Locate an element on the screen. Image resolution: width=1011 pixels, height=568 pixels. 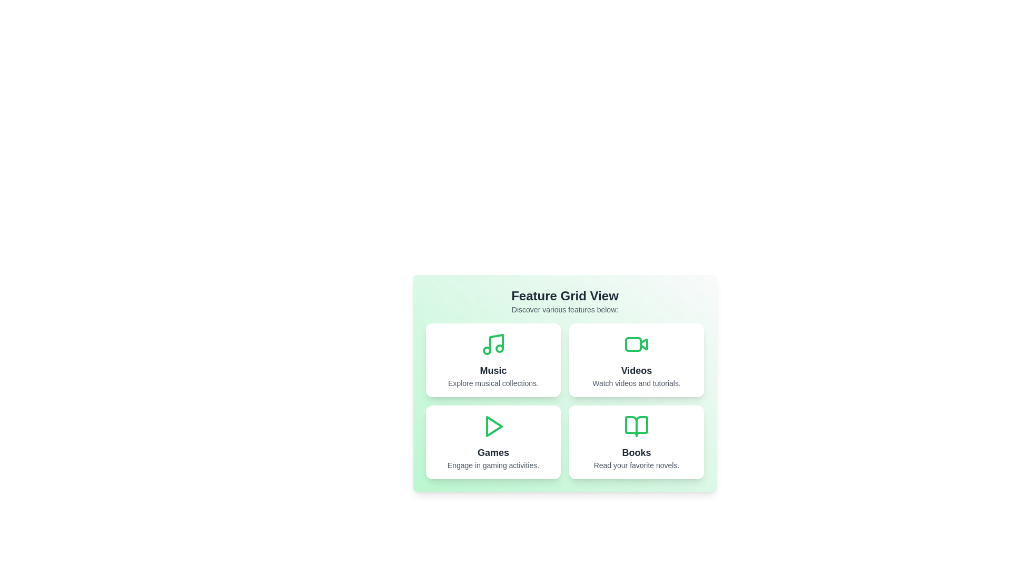
the Games card to explore its functionality is located at coordinates (492, 442).